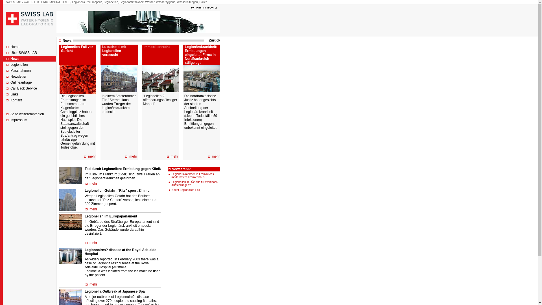 Image resolution: width=542 pixels, height=305 pixels. What do you see at coordinates (15, 59) in the screenshot?
I see `'News'` at bounding box center [15, 59].